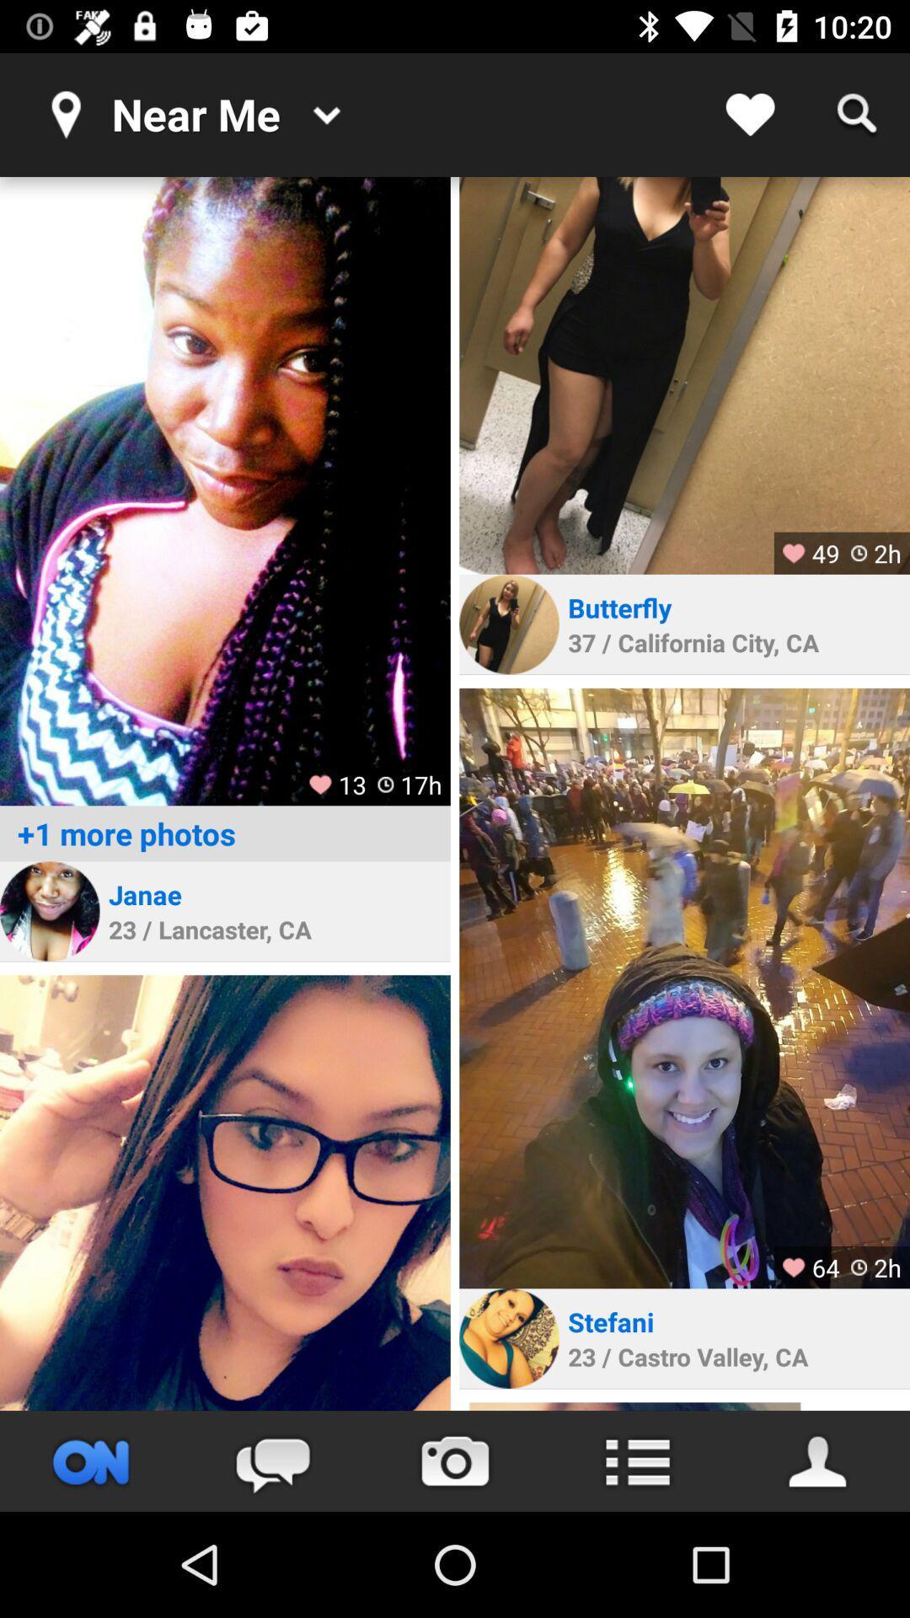 The image size is (910, 1618). What do you see at coordinates (144, 893) in the screenshot?
I see `janae icon` at bounding box center [144, 893].